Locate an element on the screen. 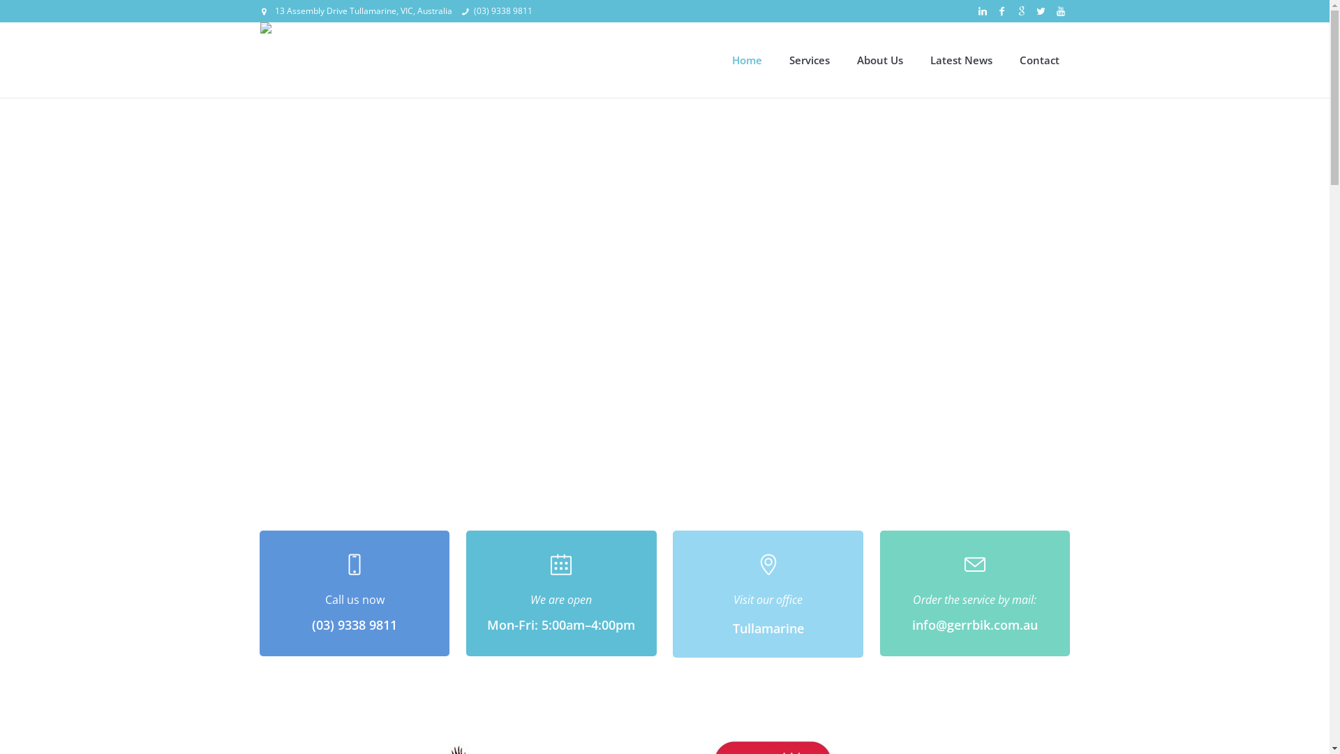 This screenshot has width=1340, height=754. 'YouTube' is located at coordinates (1054, 10).